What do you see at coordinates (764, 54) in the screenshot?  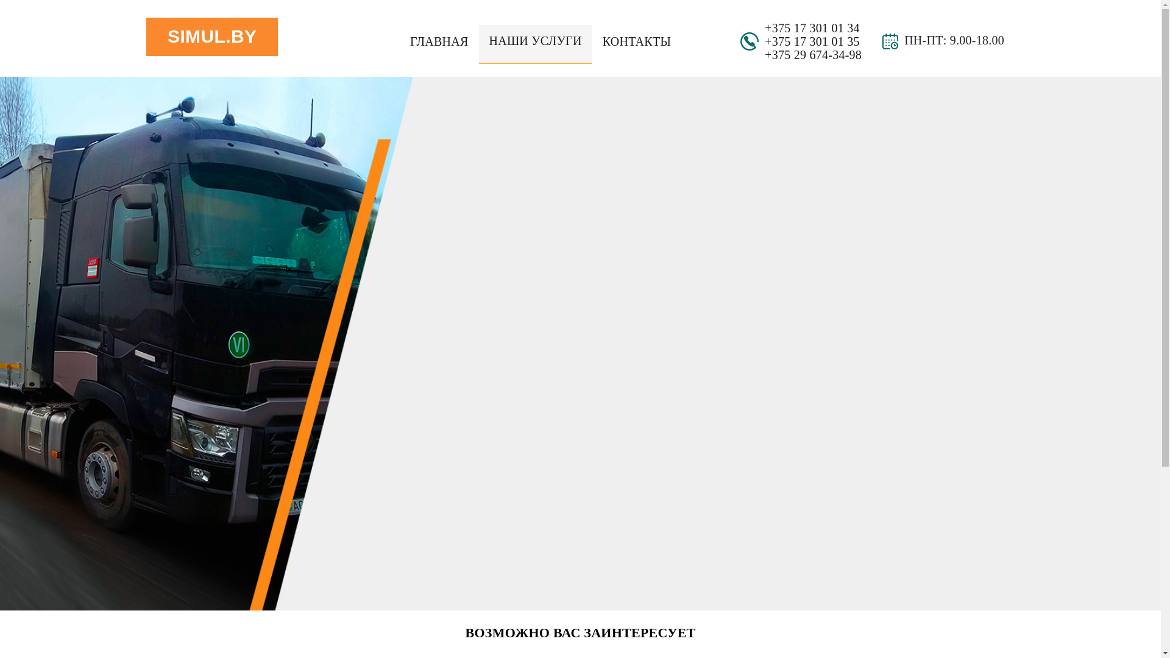 I see `'+375 29 674-34-98'` at bounding box center [764, 54].